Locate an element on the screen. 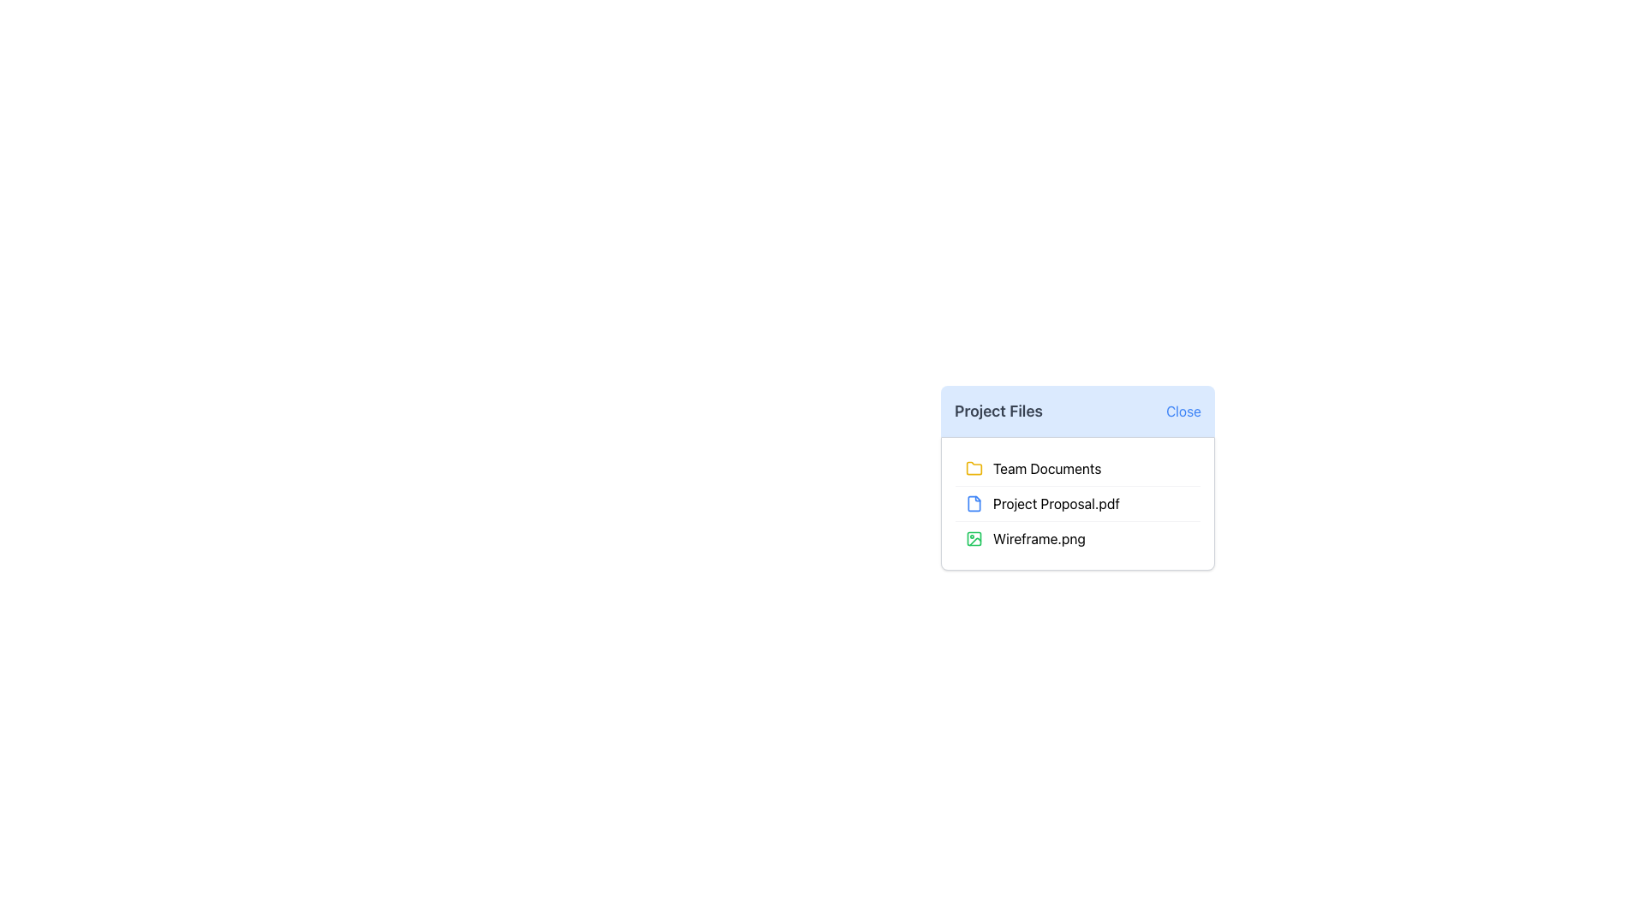 The image size is (1644, 924). the first selectable list item labeled 'Team Documents' in the dropdown box 'Project Files' is located at coordinates (1076, 478).